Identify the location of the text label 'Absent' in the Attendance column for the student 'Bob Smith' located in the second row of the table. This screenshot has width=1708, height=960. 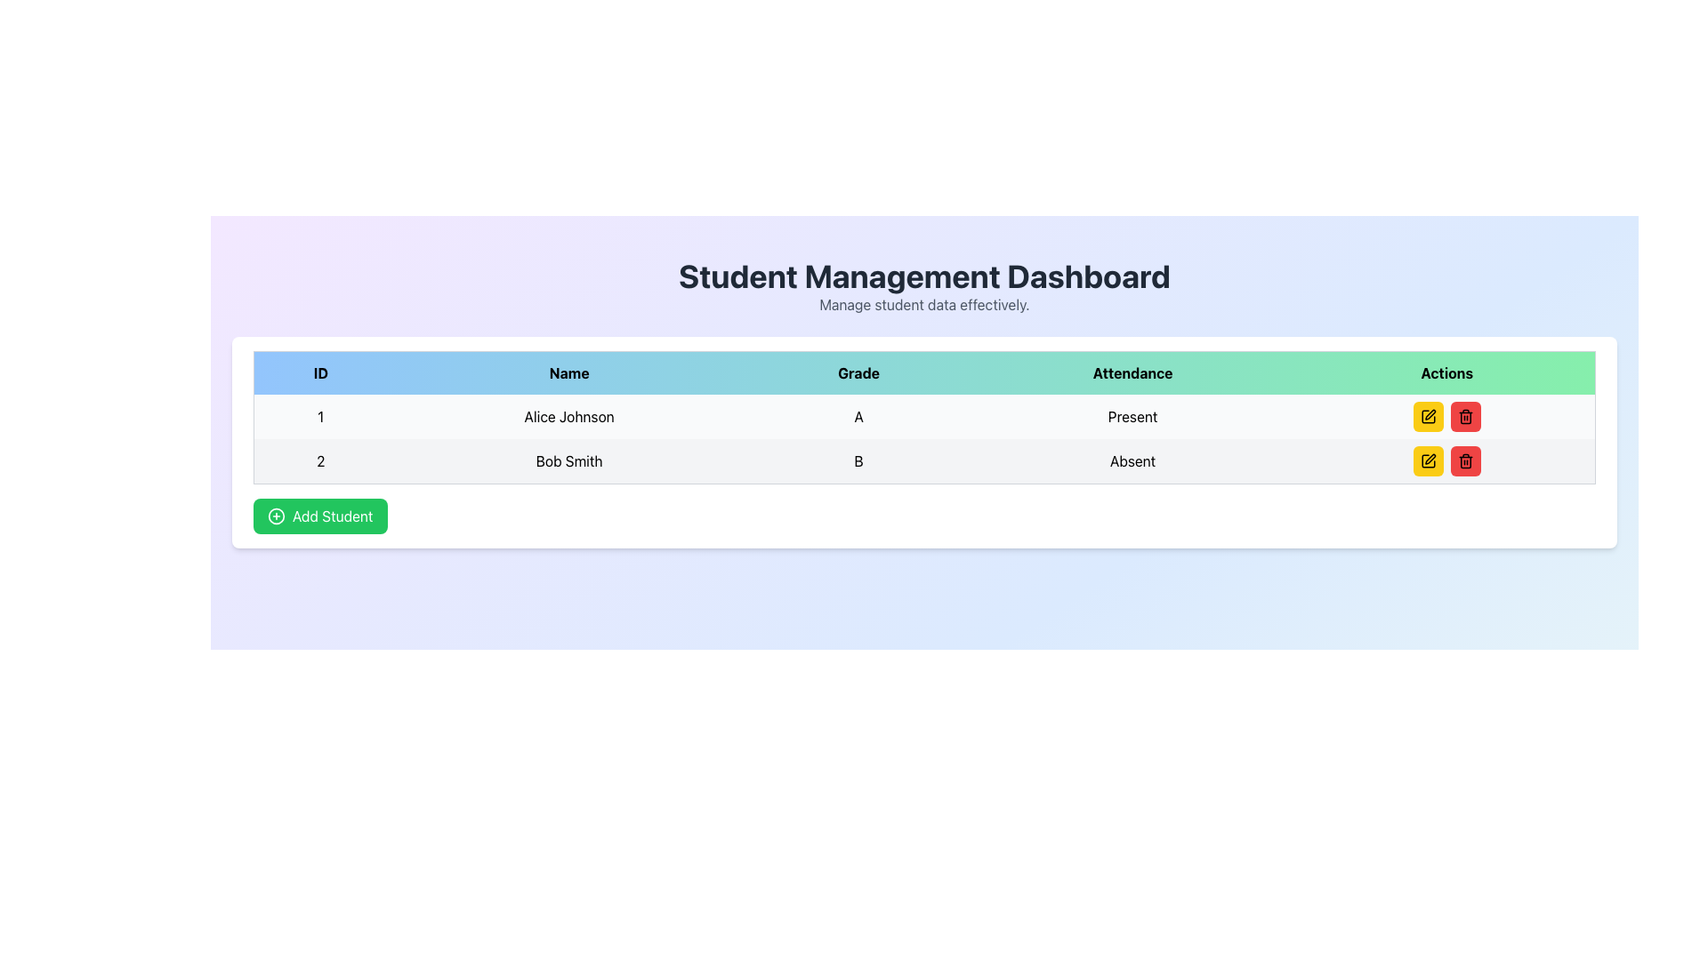
(1132, 460).